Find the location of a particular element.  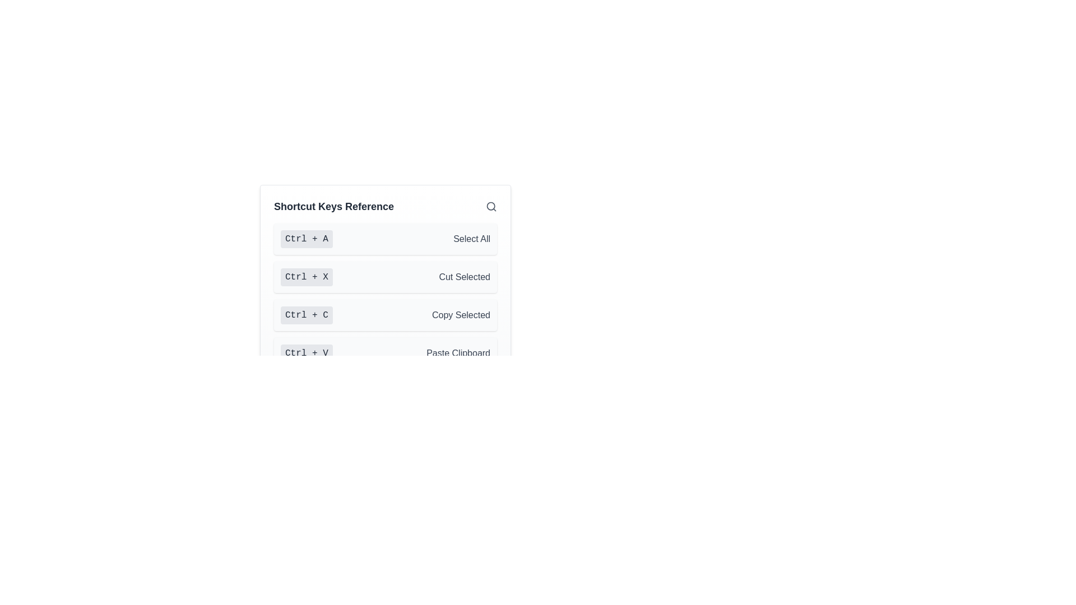

text from the Heading element located at the top of the vertical list layout, which serves as a title or heading for the following content related to shortcut keys is located at coordinates (385, 207).